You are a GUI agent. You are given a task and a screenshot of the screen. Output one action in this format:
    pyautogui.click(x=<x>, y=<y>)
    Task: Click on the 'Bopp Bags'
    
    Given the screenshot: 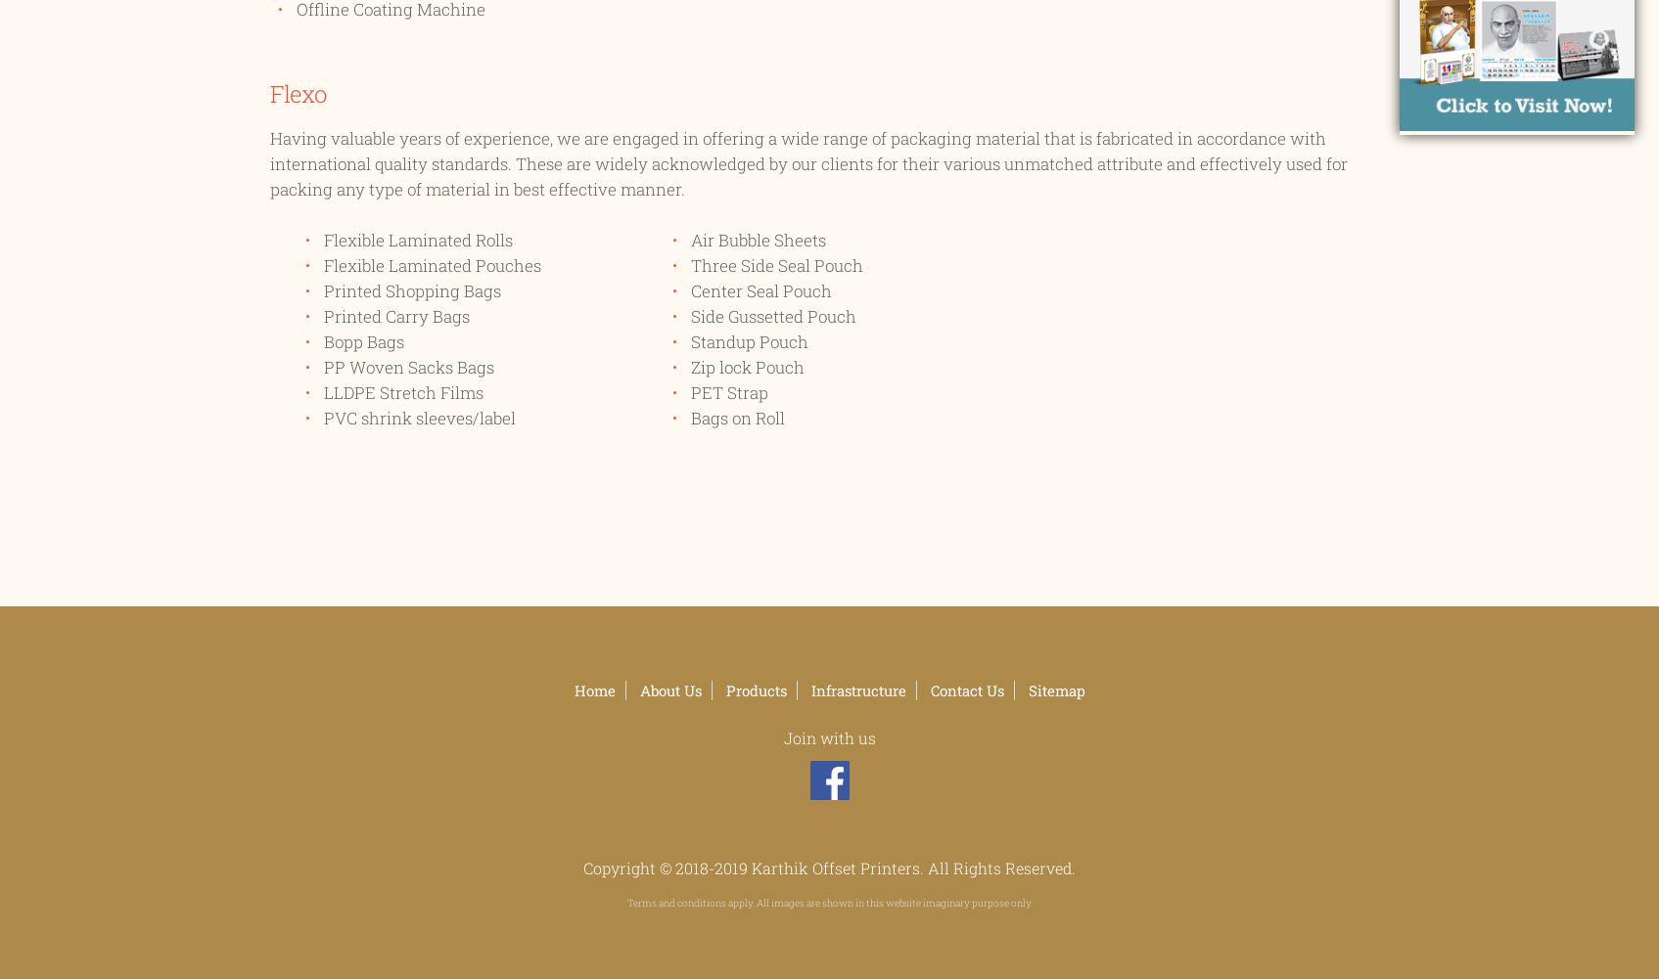 What is the action you would take?
    pyautogui.click(x=362, y=341)
    